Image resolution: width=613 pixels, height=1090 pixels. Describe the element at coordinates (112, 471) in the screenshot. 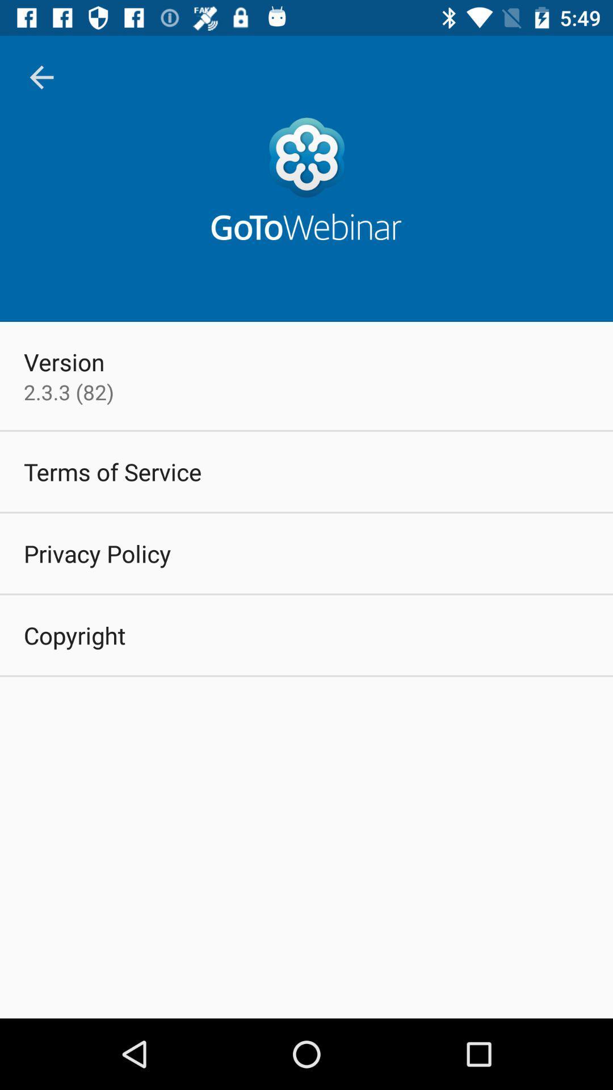

I see `the terms of service` at that location.